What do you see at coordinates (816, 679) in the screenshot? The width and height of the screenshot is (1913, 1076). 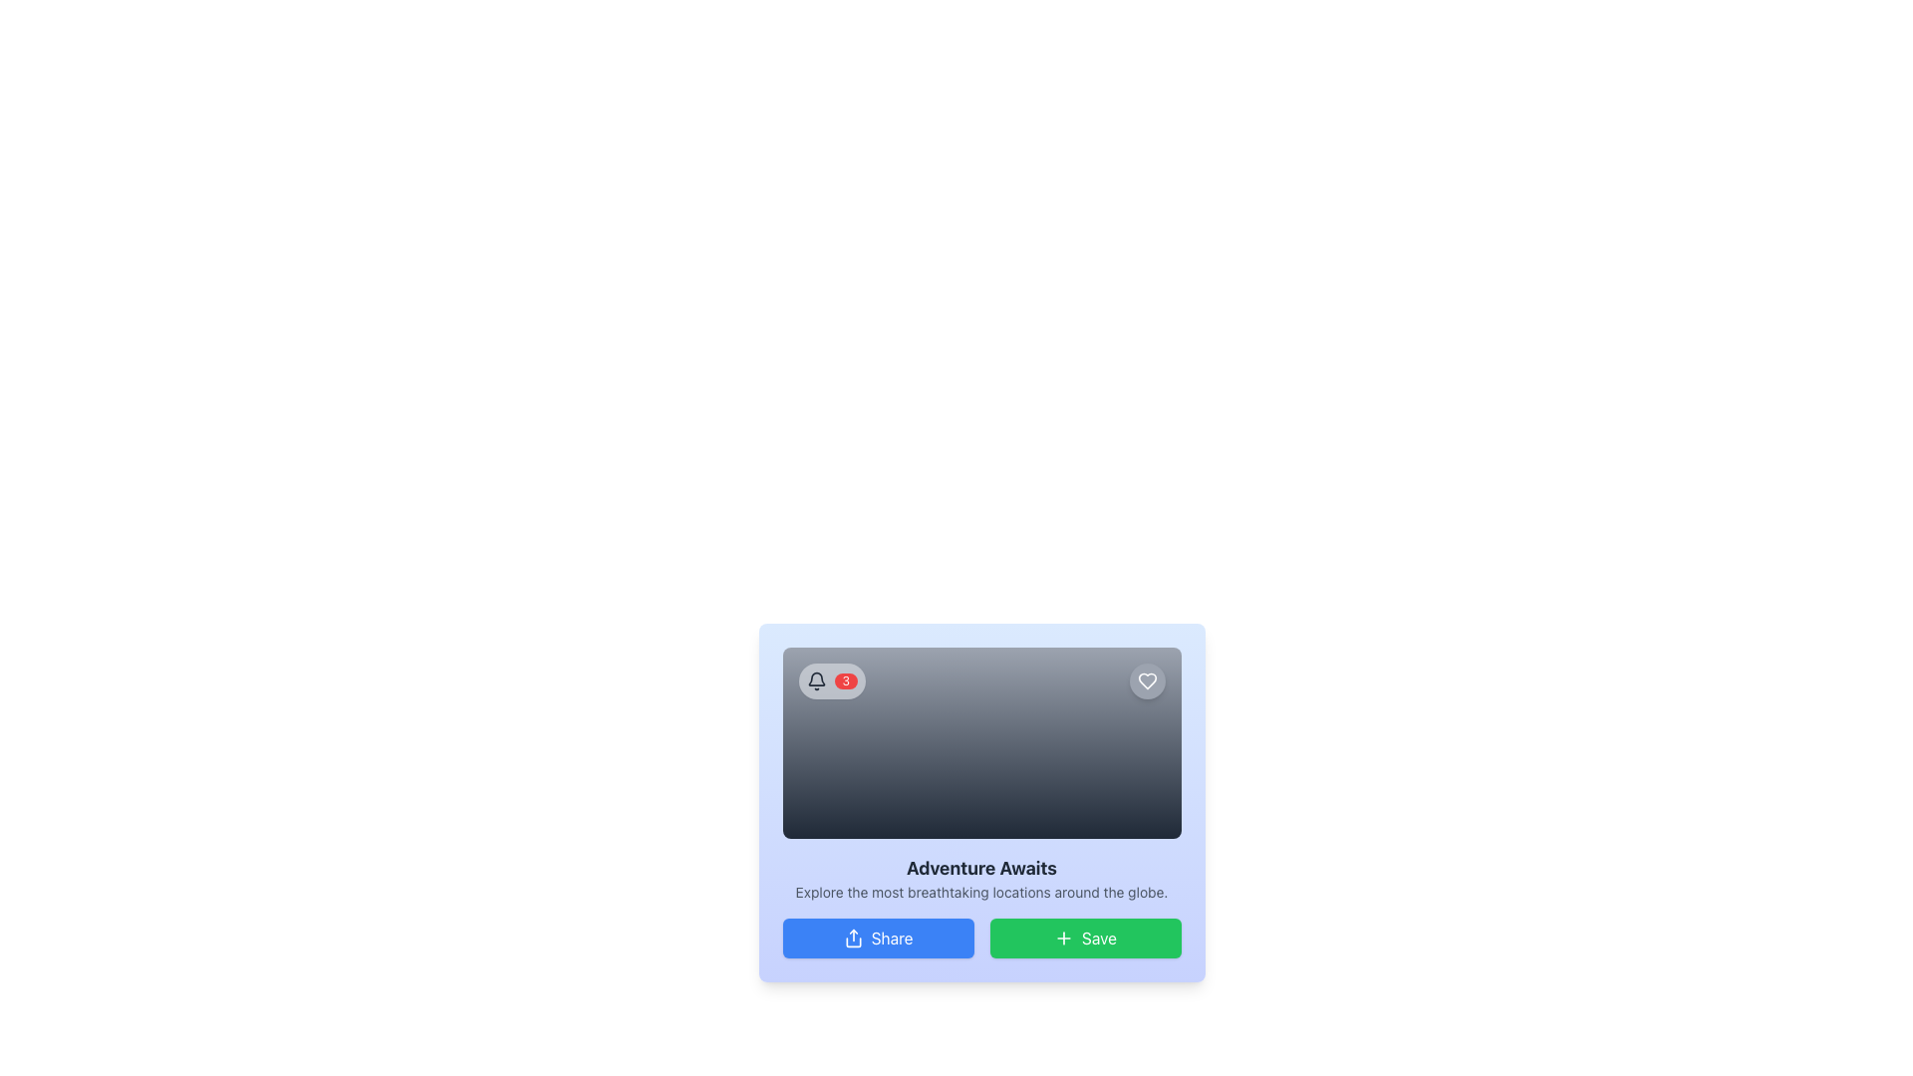 I see `the dark gray bell icon located in the notification badge area next to the red badge displaying the number '3'` at bounding box center [816, 679].